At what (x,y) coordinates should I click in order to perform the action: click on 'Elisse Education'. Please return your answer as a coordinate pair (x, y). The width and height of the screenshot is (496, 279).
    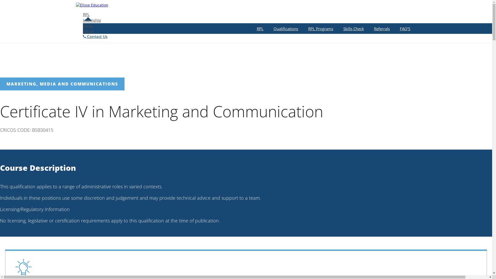
    Looking at the image, I should click on (92, 4).